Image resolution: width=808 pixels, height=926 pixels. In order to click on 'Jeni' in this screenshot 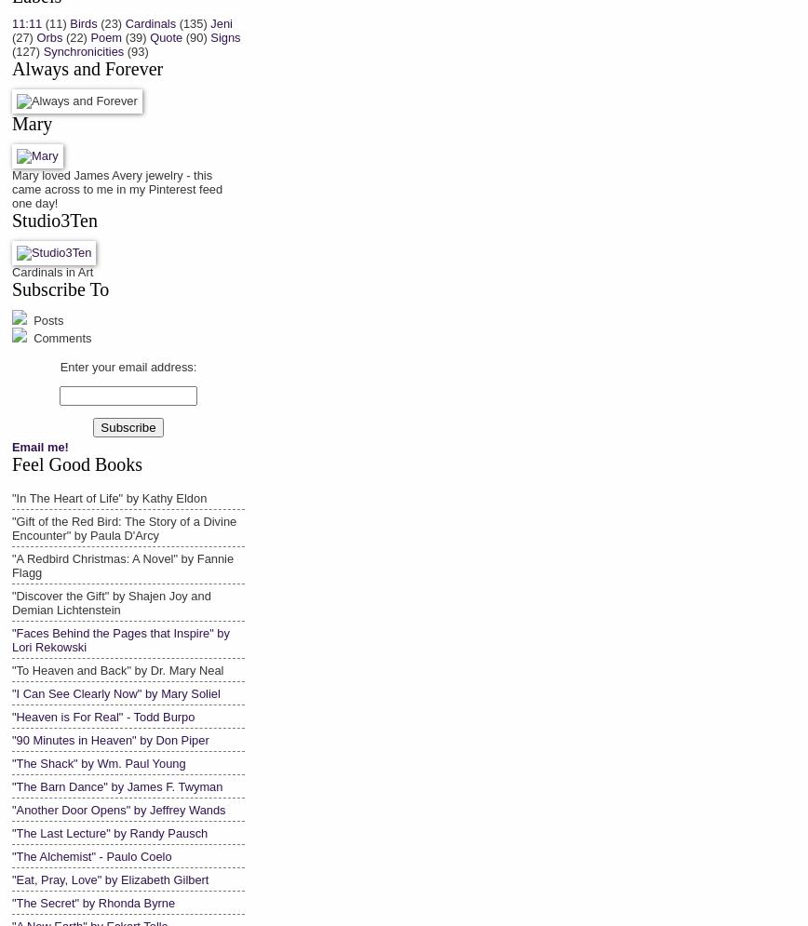, I will do `click(221, 22)`.